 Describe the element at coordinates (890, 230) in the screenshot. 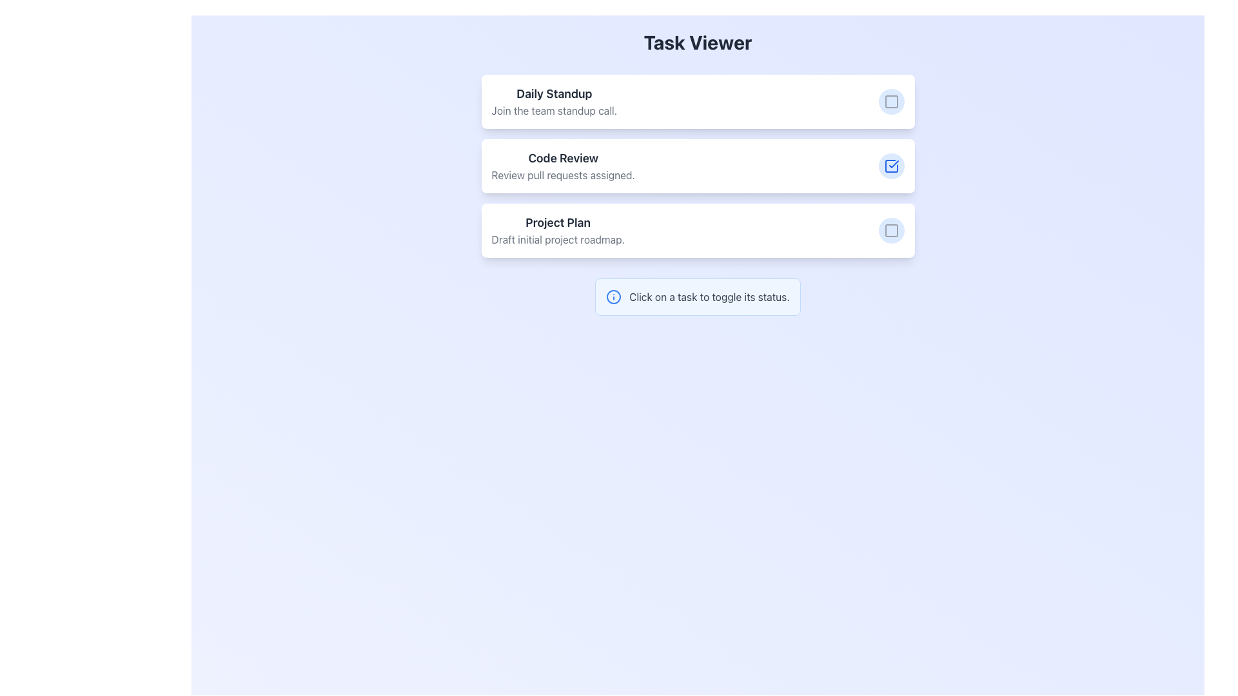

I see `the icon located to the far right of the 'Project Plan' task item to trigger a visual response` at that location.